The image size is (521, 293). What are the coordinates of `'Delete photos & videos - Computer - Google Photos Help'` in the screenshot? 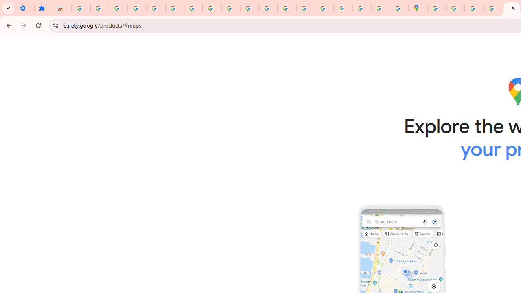 It's located at (118, 8).